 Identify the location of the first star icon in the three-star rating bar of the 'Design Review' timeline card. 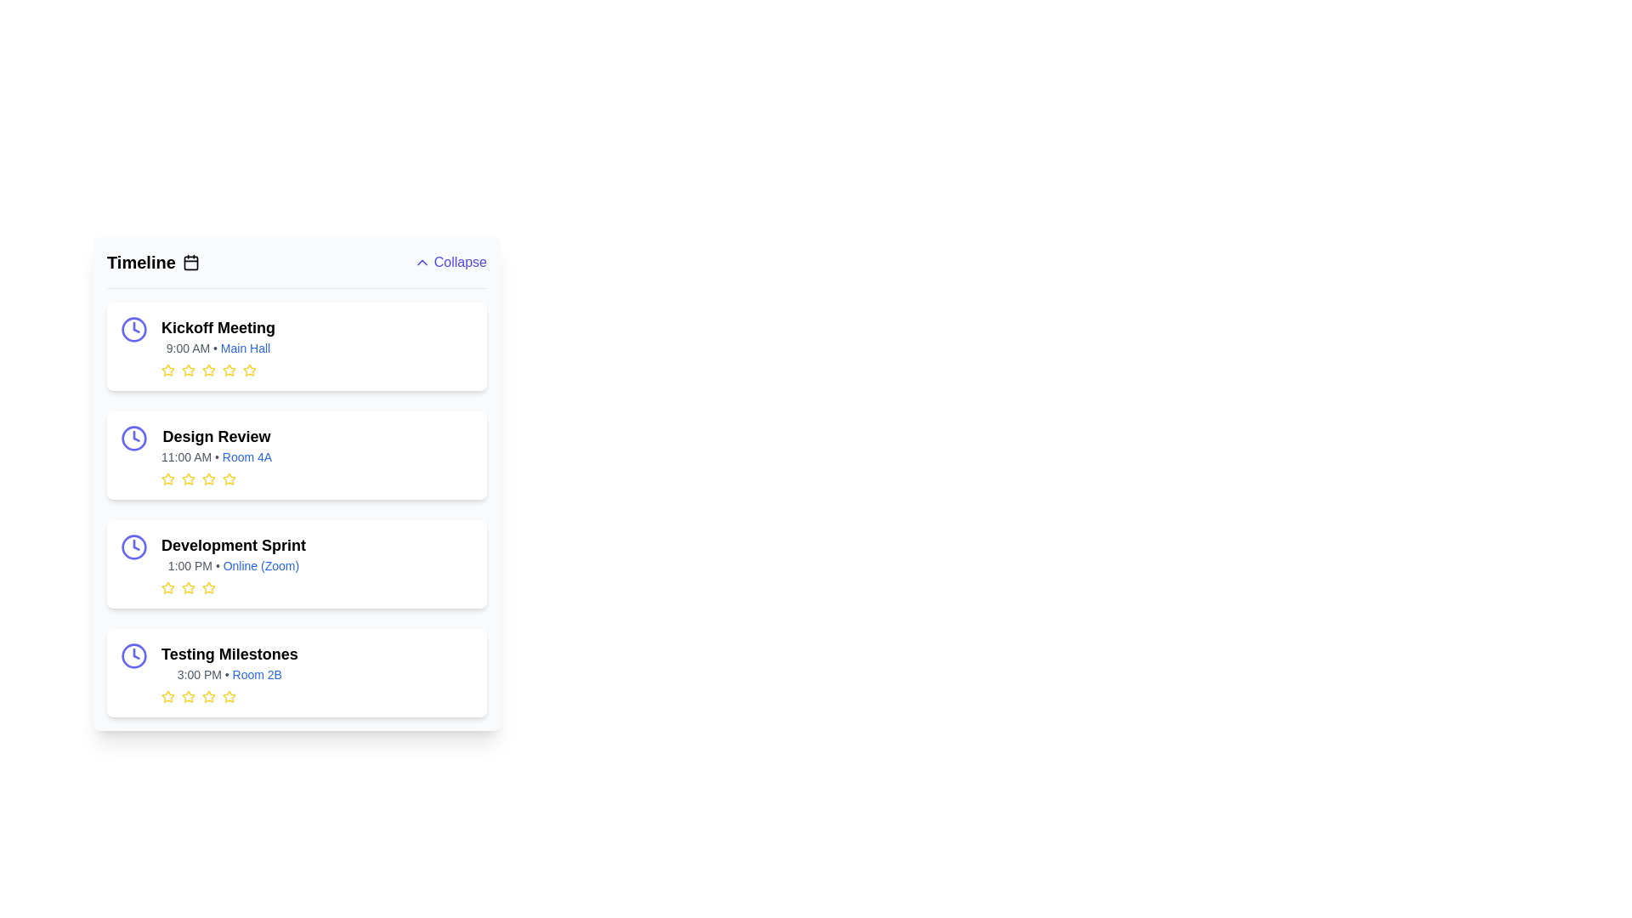
(188, 479).